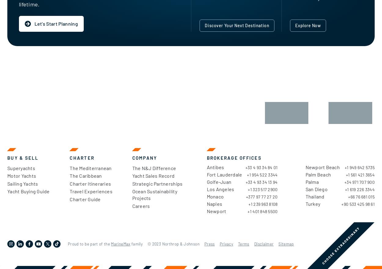 The height and width of the screenshot is (269, 382). What do you see at coordinates (90, 167) in the screenshot?
I see `'The Mediterranean'` at bounding box center [90, 167].